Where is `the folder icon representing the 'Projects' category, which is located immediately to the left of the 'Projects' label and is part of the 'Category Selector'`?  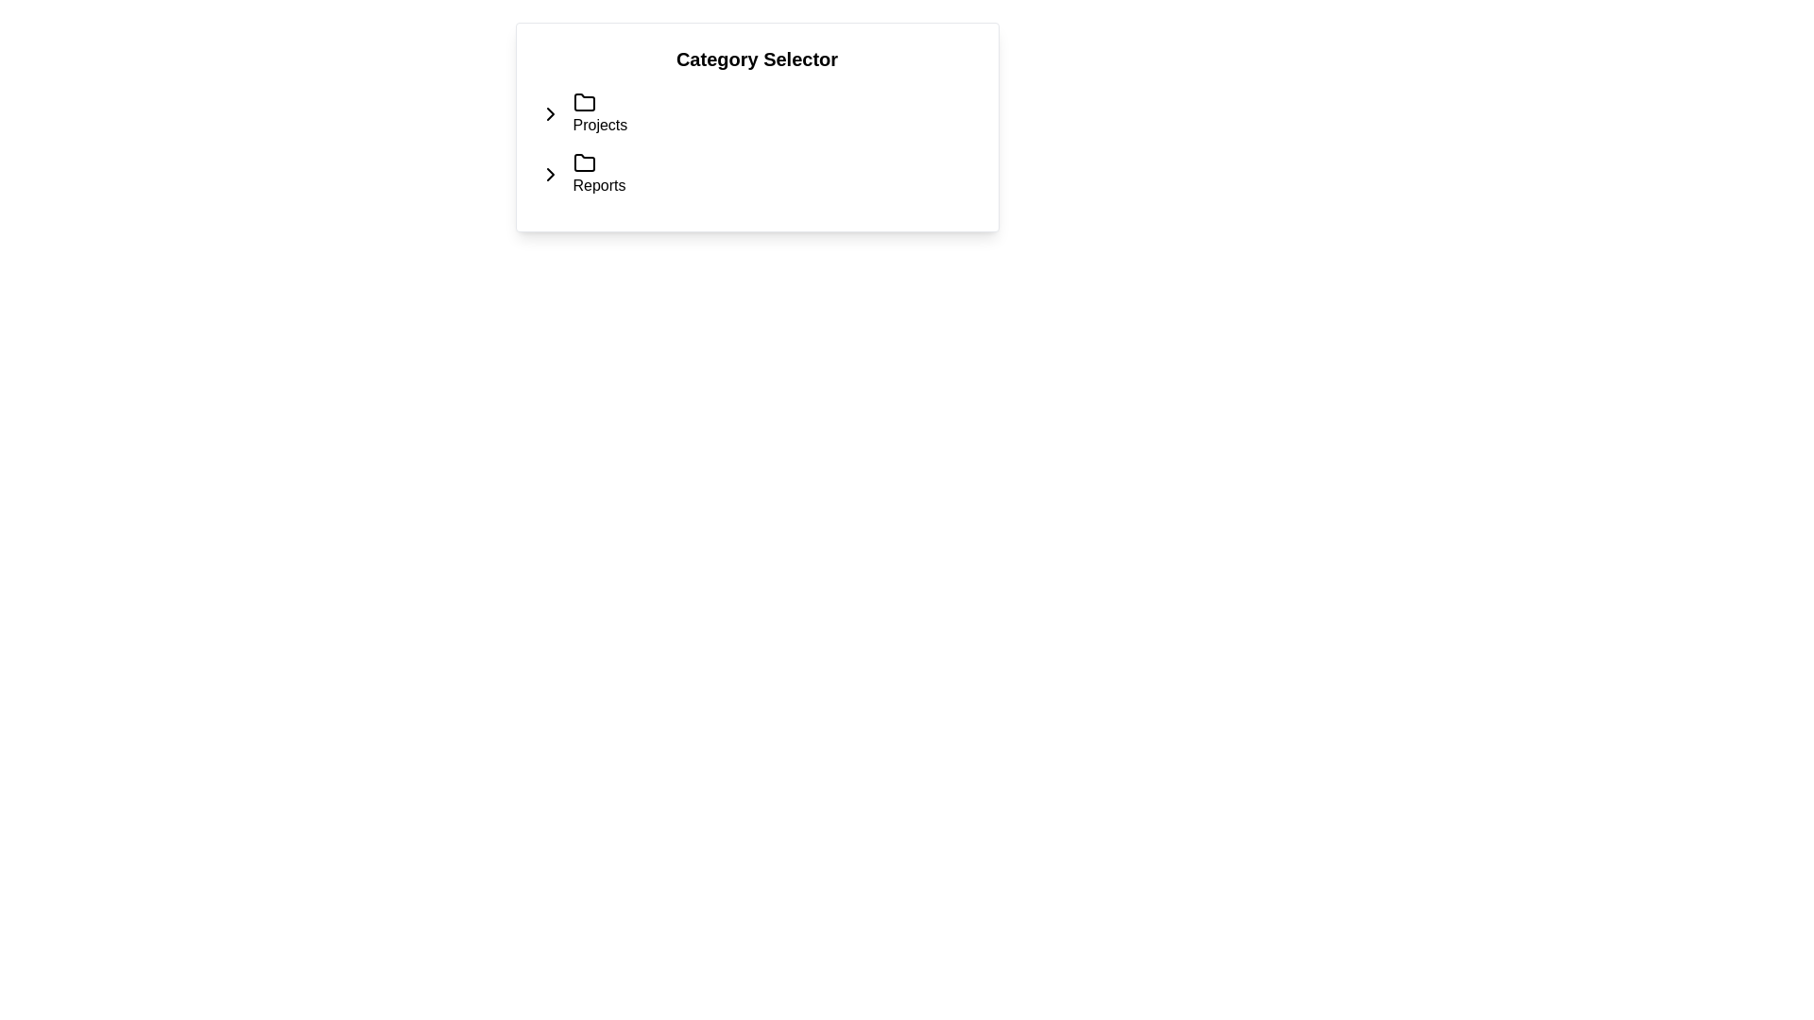
the folder icon representing the 'Projects' category, which is located immediately to the left of the 'Projects' label and is part of the 'Category Selector' is located at coordinates (583, 102).